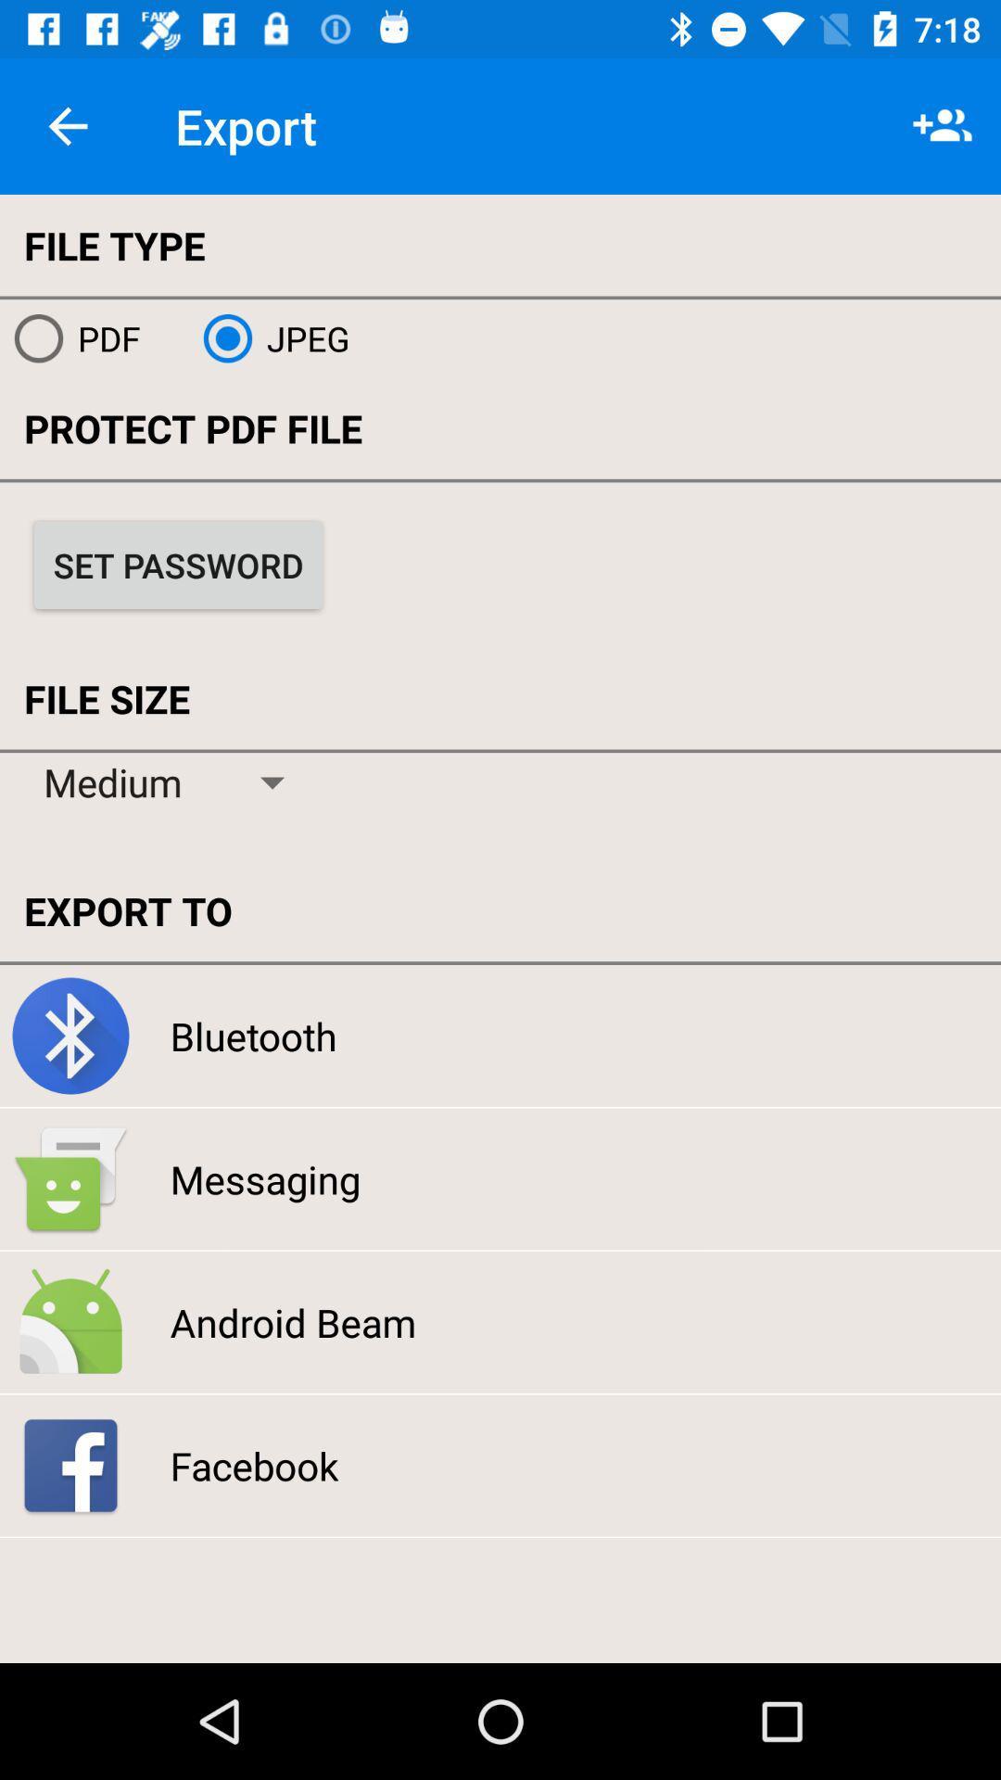  I want to click on icon above protect pdf file, so click(269, 338).